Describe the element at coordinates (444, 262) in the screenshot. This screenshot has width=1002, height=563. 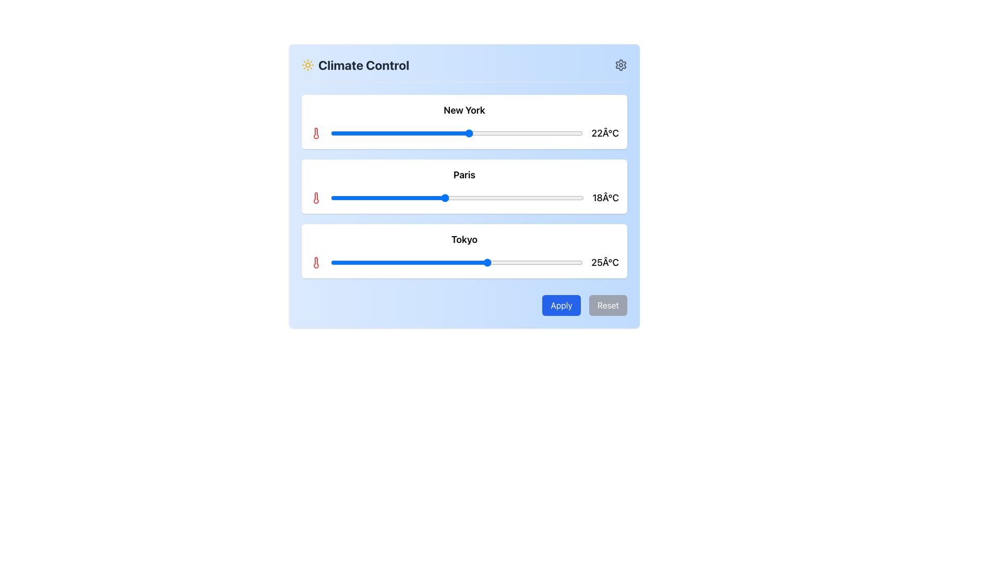
I see `the Tokyo temperature` at that location.